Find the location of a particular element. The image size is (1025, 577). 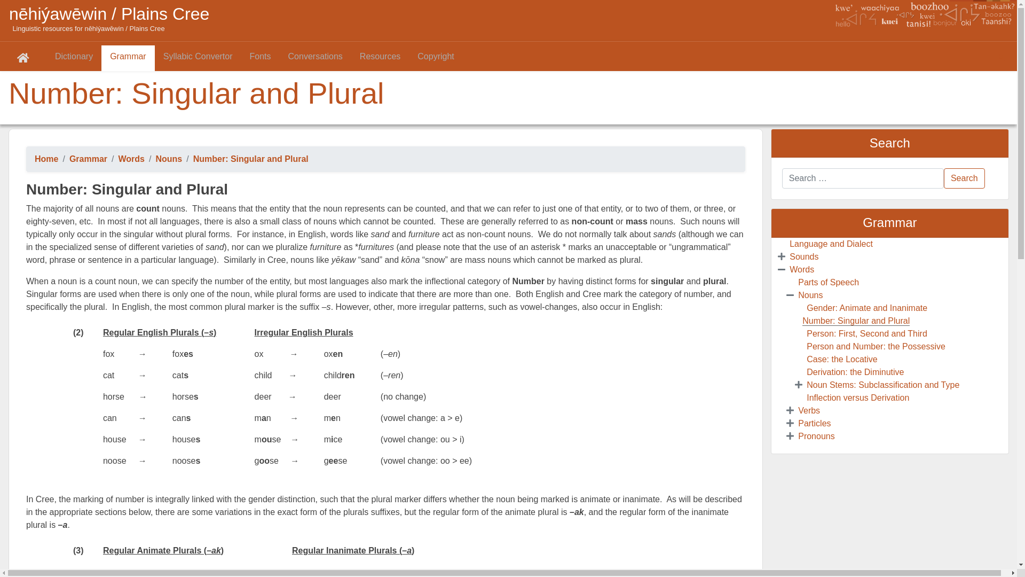

'Nouns' is located at coordinates (810, 295).